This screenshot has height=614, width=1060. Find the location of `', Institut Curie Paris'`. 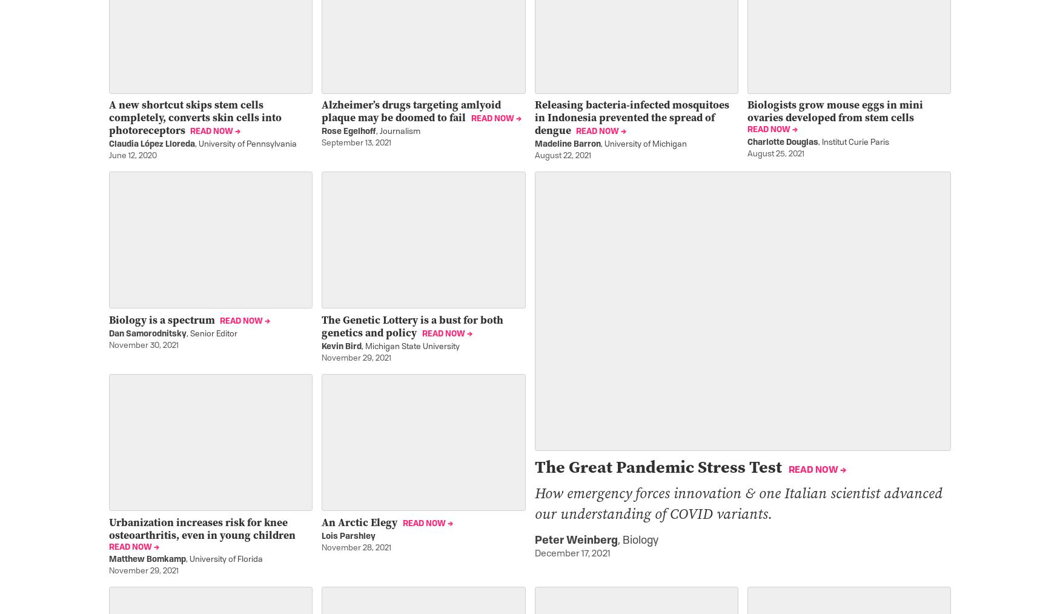

', Institut Curie Paris' is located at coordinates (852, 141).